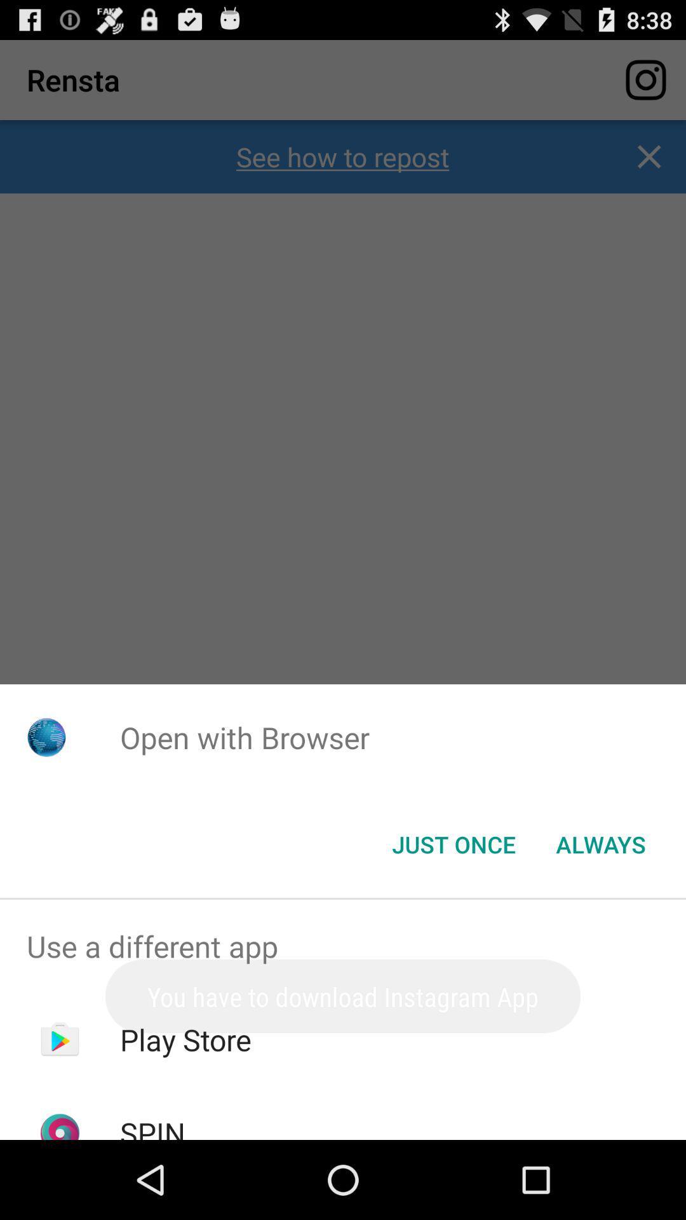 Image resolution: width=686 pixels, height=1220 pixels. I want to click on the play store app, so click(185, 1040).